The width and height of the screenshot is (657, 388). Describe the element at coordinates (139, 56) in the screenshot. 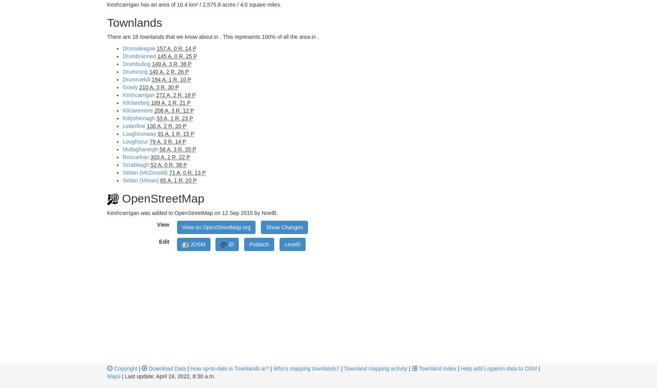

I see `'Drumbranned'` at that location.